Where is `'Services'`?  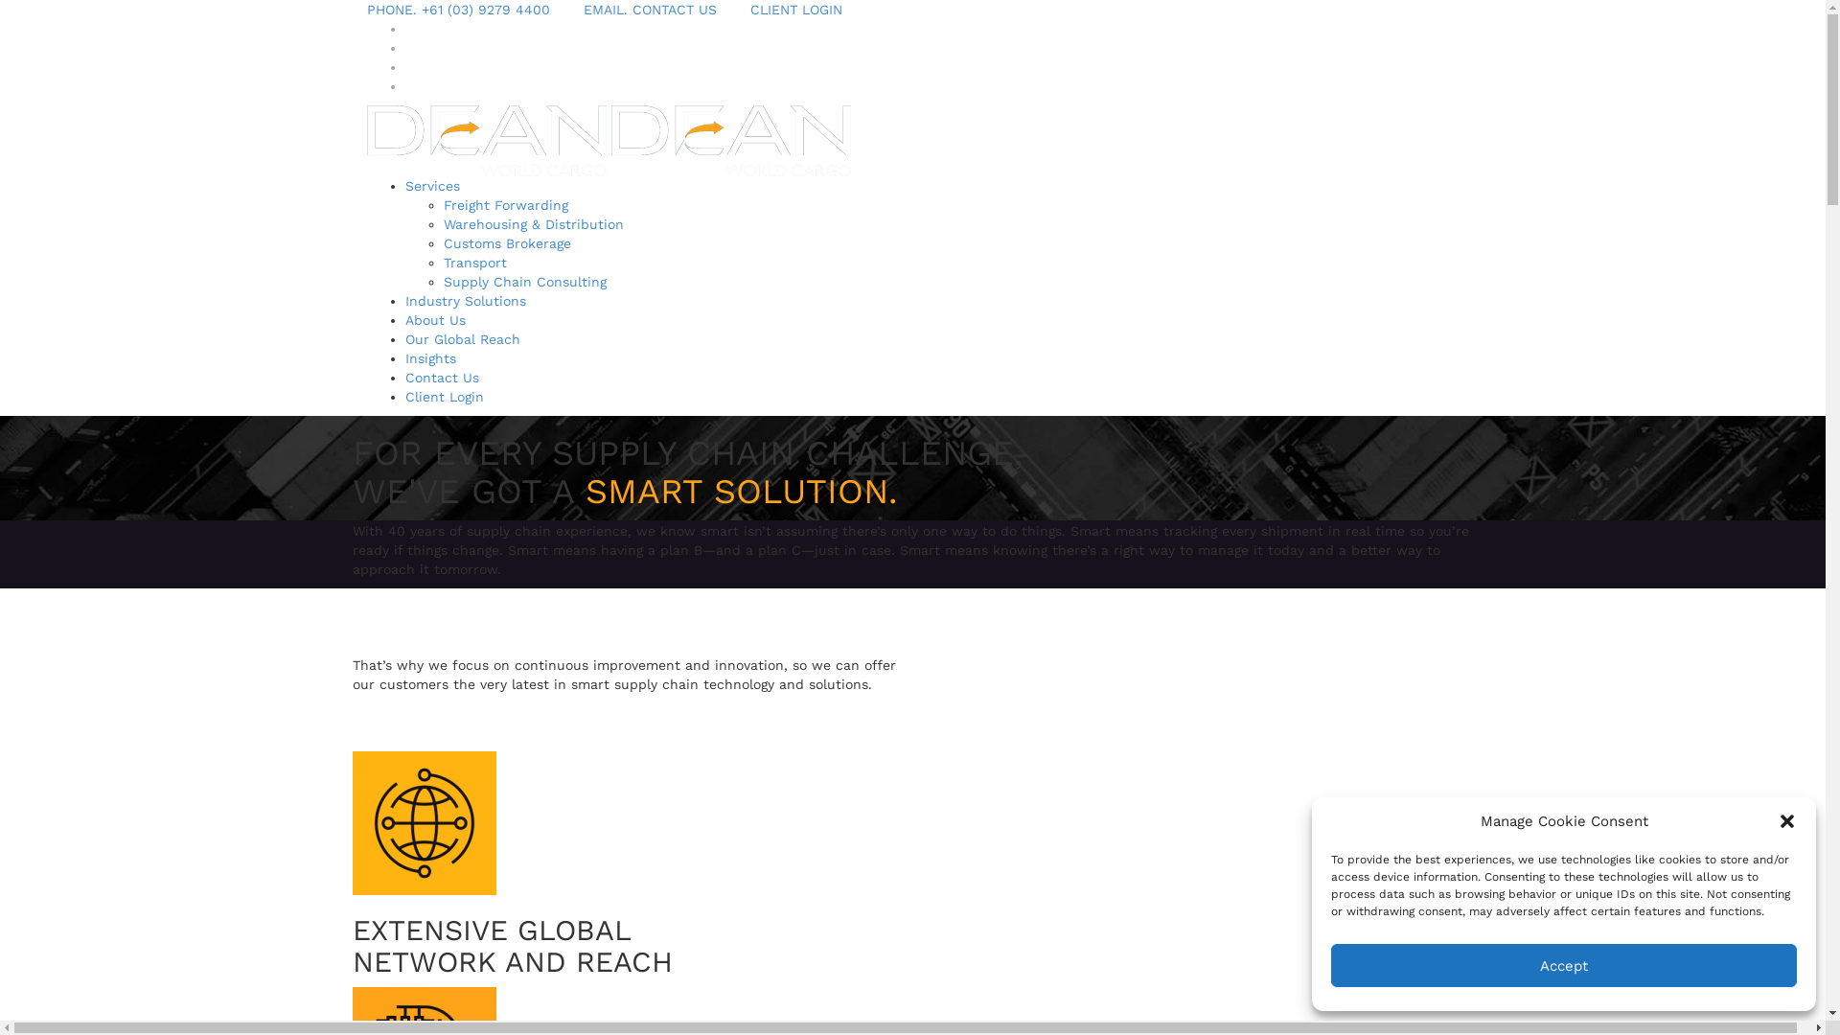
'Services' is located at coordinates (430, 185).